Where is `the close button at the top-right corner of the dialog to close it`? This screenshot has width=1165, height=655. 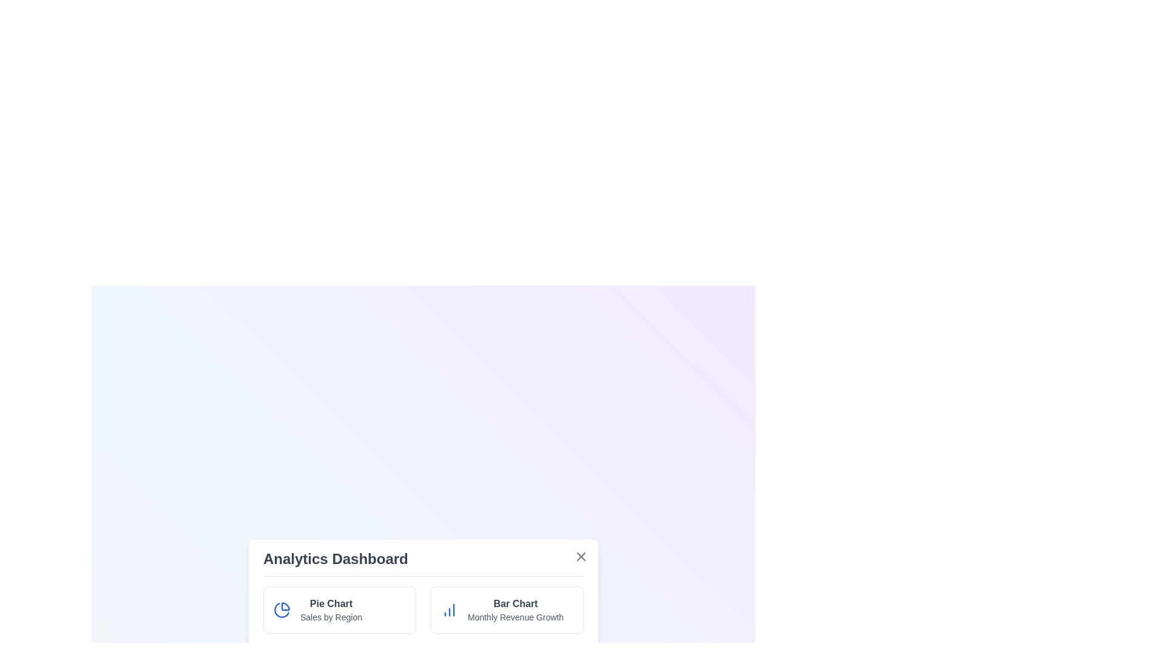
the close button at the top-right corner of the dialog to close it is located at coordinates (581, 556).